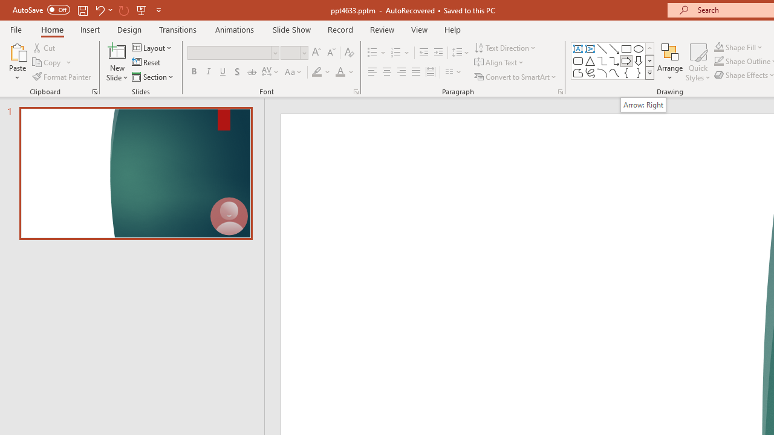 The height and width of the screenshot is (435, 774). What do you see at coordinates (193, 72) in the screenshot?
I see `'Bold'` at bounding box center [193, 72].